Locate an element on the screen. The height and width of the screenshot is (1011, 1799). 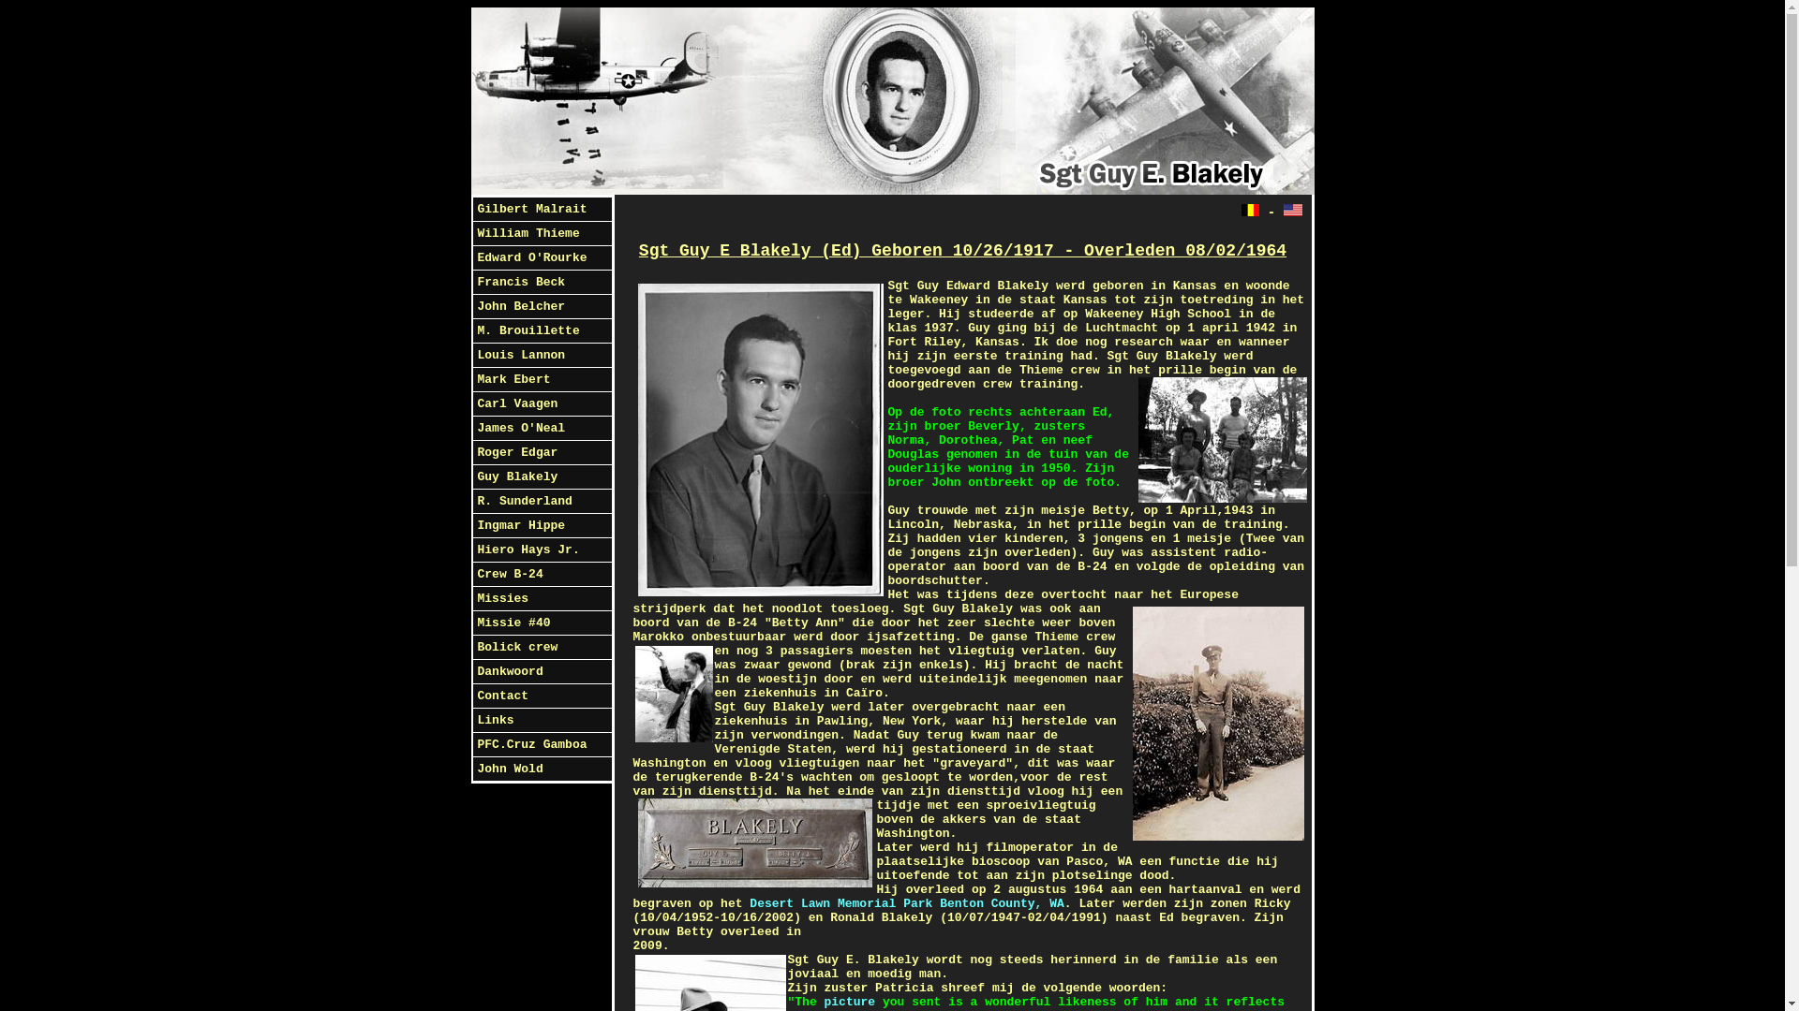
'Hiero Hays Jr.' is located at coordinates (472, 549).